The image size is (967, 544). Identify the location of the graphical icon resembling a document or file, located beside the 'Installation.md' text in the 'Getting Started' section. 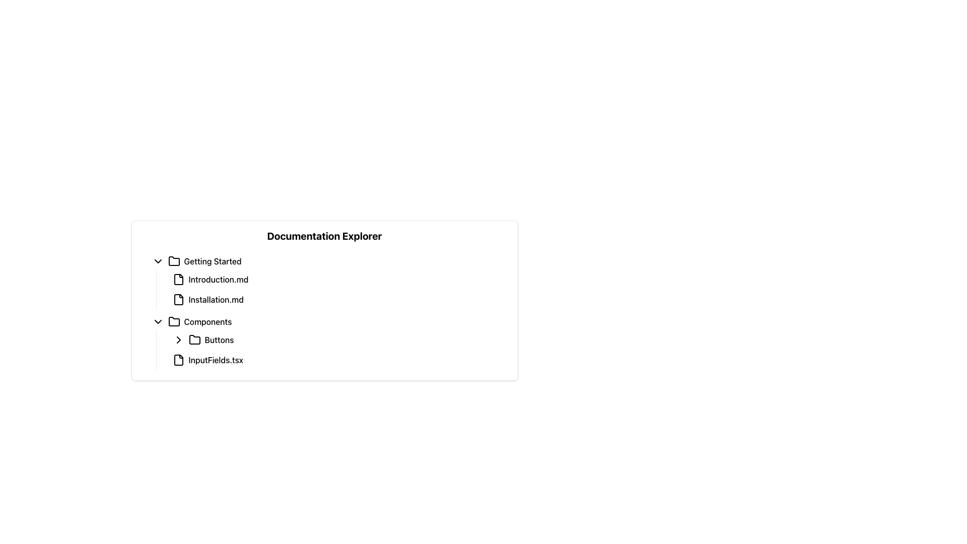
(178, 299).